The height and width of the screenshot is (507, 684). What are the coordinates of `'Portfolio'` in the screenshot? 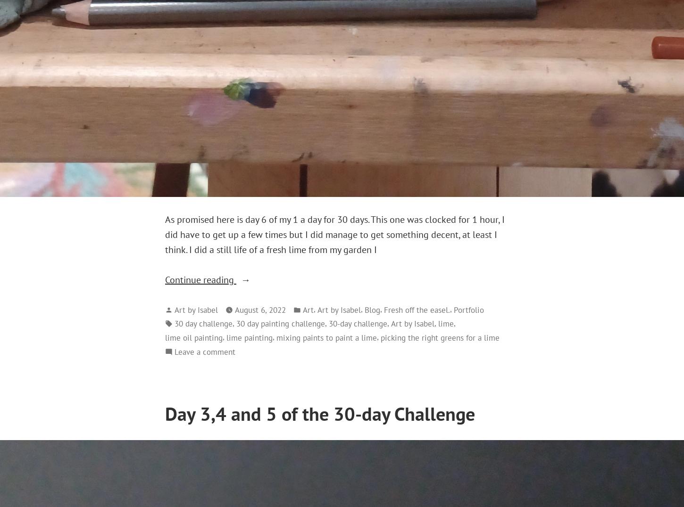 It's located at (468, 309).